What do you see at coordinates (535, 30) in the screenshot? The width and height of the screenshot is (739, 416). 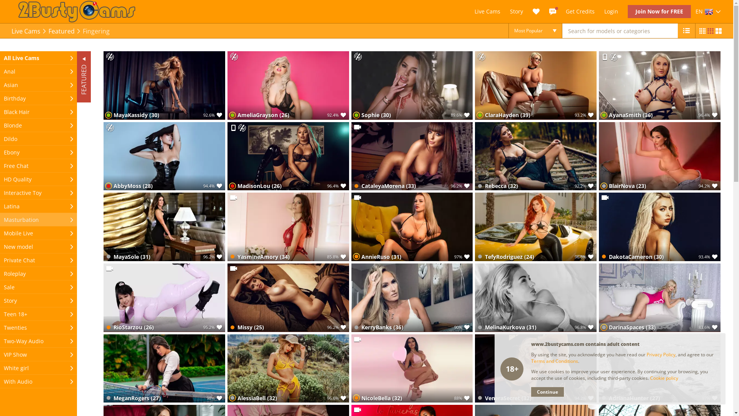 I see `'Most Popular'` at bounding box center [535, 30].